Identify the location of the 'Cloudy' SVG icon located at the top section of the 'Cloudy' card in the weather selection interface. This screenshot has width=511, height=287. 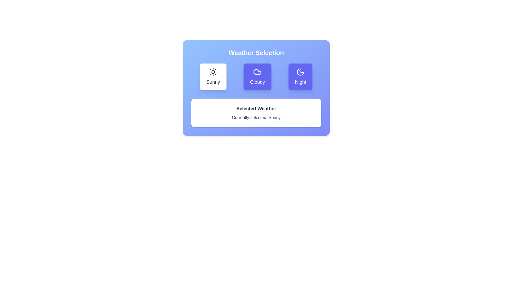
(257, 72).